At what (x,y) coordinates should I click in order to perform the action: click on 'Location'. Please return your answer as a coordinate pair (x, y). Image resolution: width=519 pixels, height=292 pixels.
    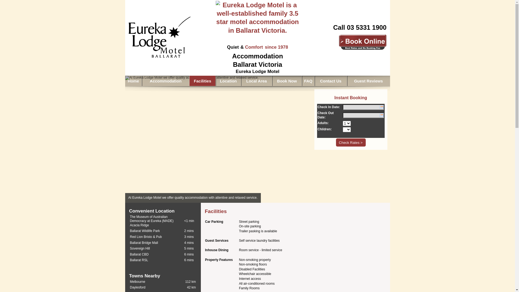
    Looking at the image, I should click on (215, 81).